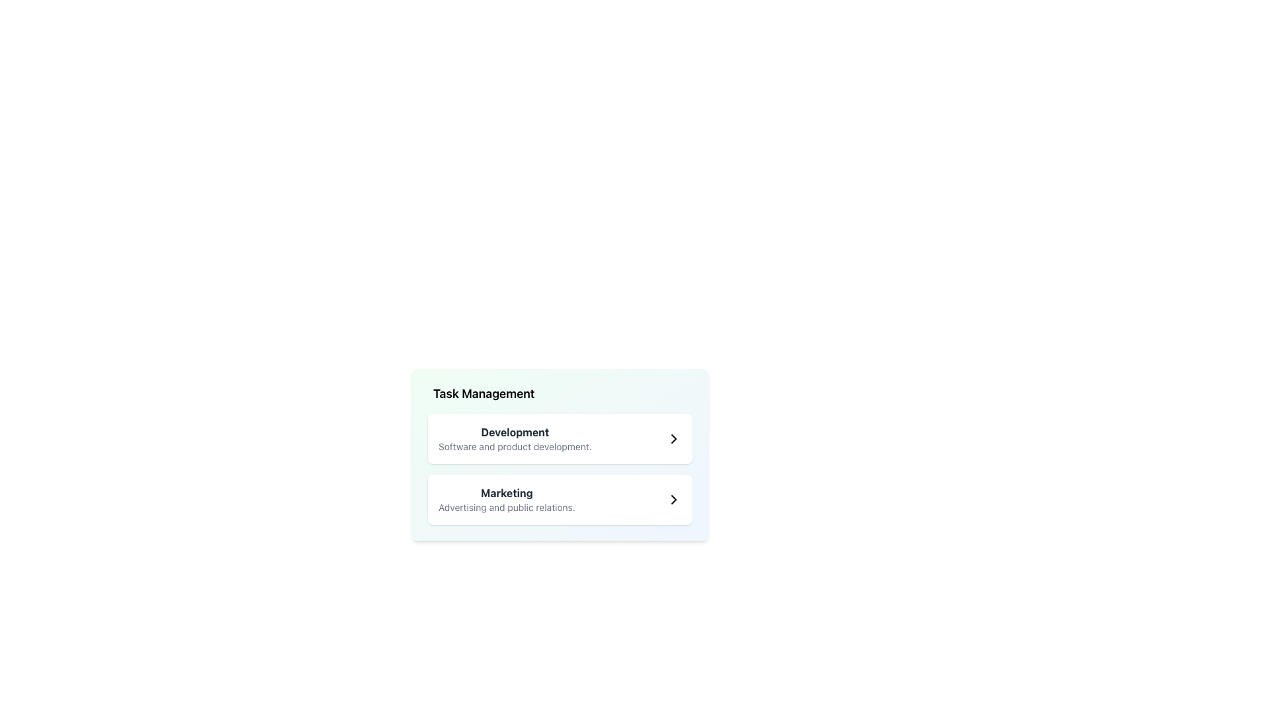 The width and height of the screenshot is (1270, 714). I want to click on text label displaying 'Marketing' which is styled in bold and located in the lower portion of the interface, underneath the 'Development' clickable area, so click(506, 493).